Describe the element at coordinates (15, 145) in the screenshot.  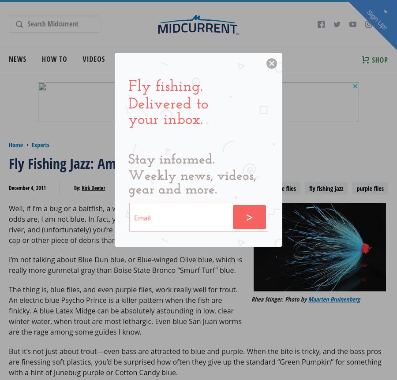
I see `'Home'` at that location.